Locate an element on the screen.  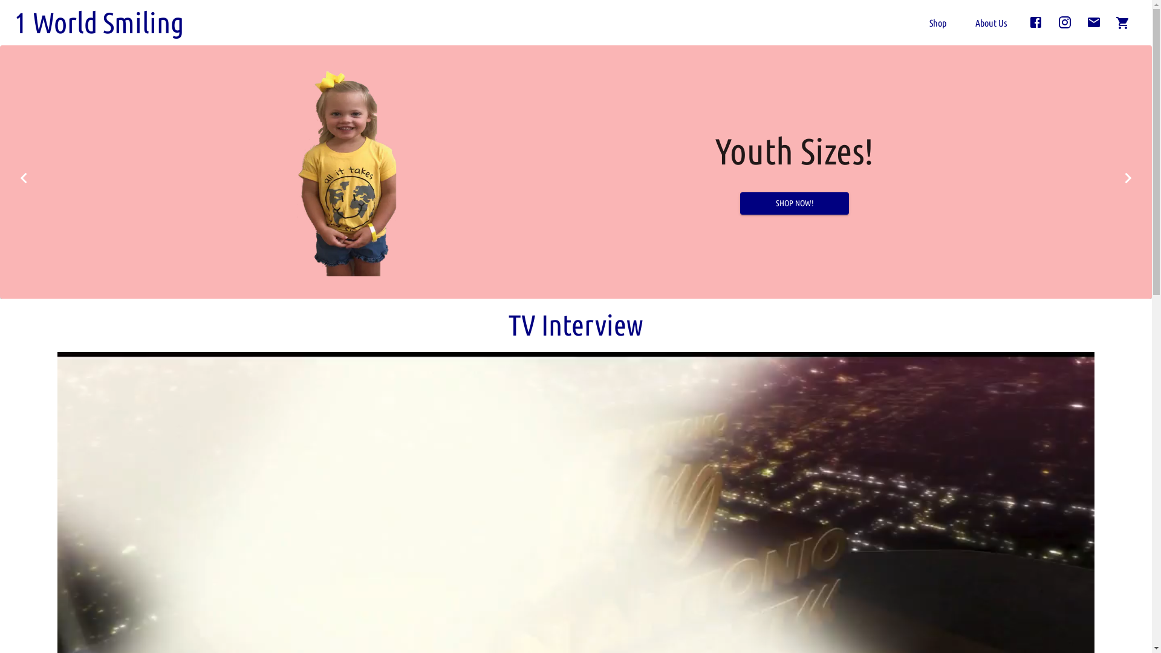
'0' is located at coordinates (1122, 23).